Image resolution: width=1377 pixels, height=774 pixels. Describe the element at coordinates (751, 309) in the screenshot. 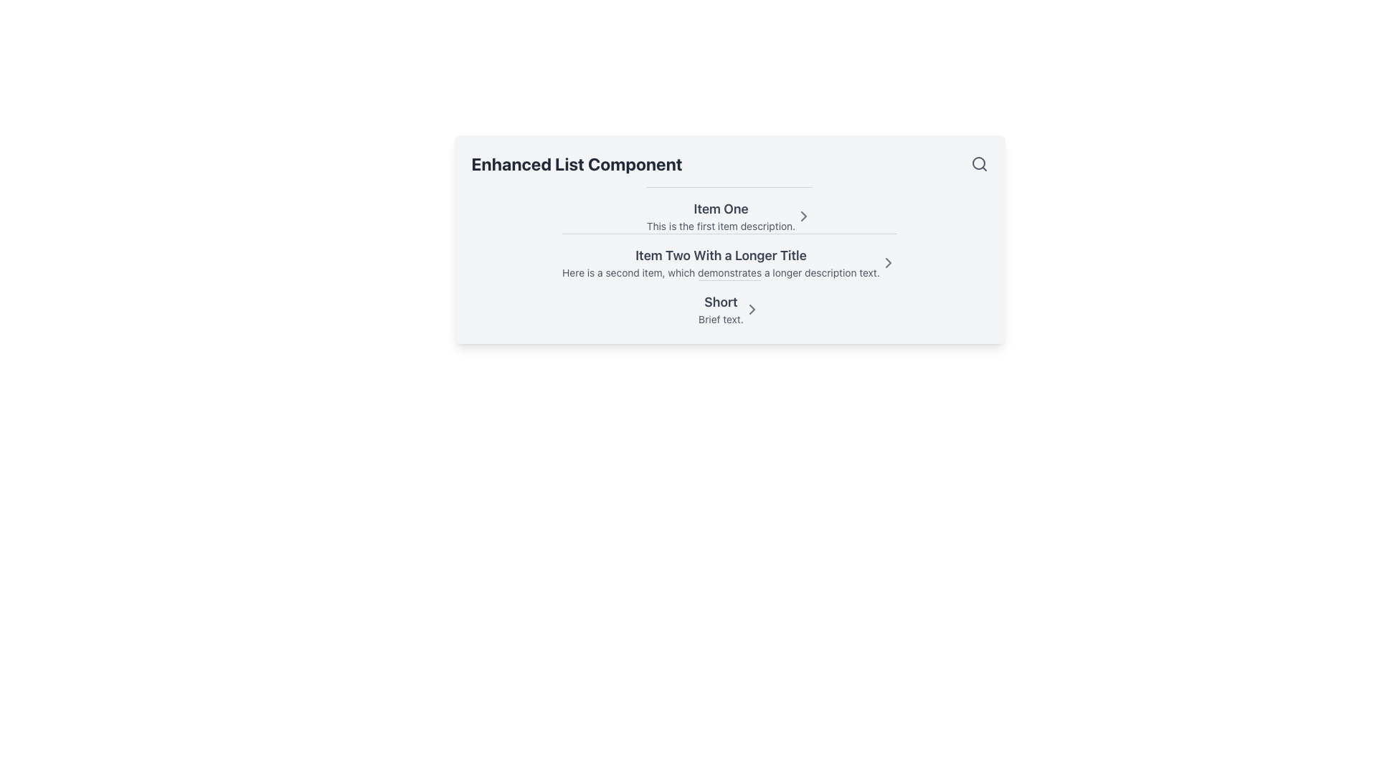

I see `the right-chevron icon styled with a gray color, positioned adjacent to the text 'Short'` at that location.